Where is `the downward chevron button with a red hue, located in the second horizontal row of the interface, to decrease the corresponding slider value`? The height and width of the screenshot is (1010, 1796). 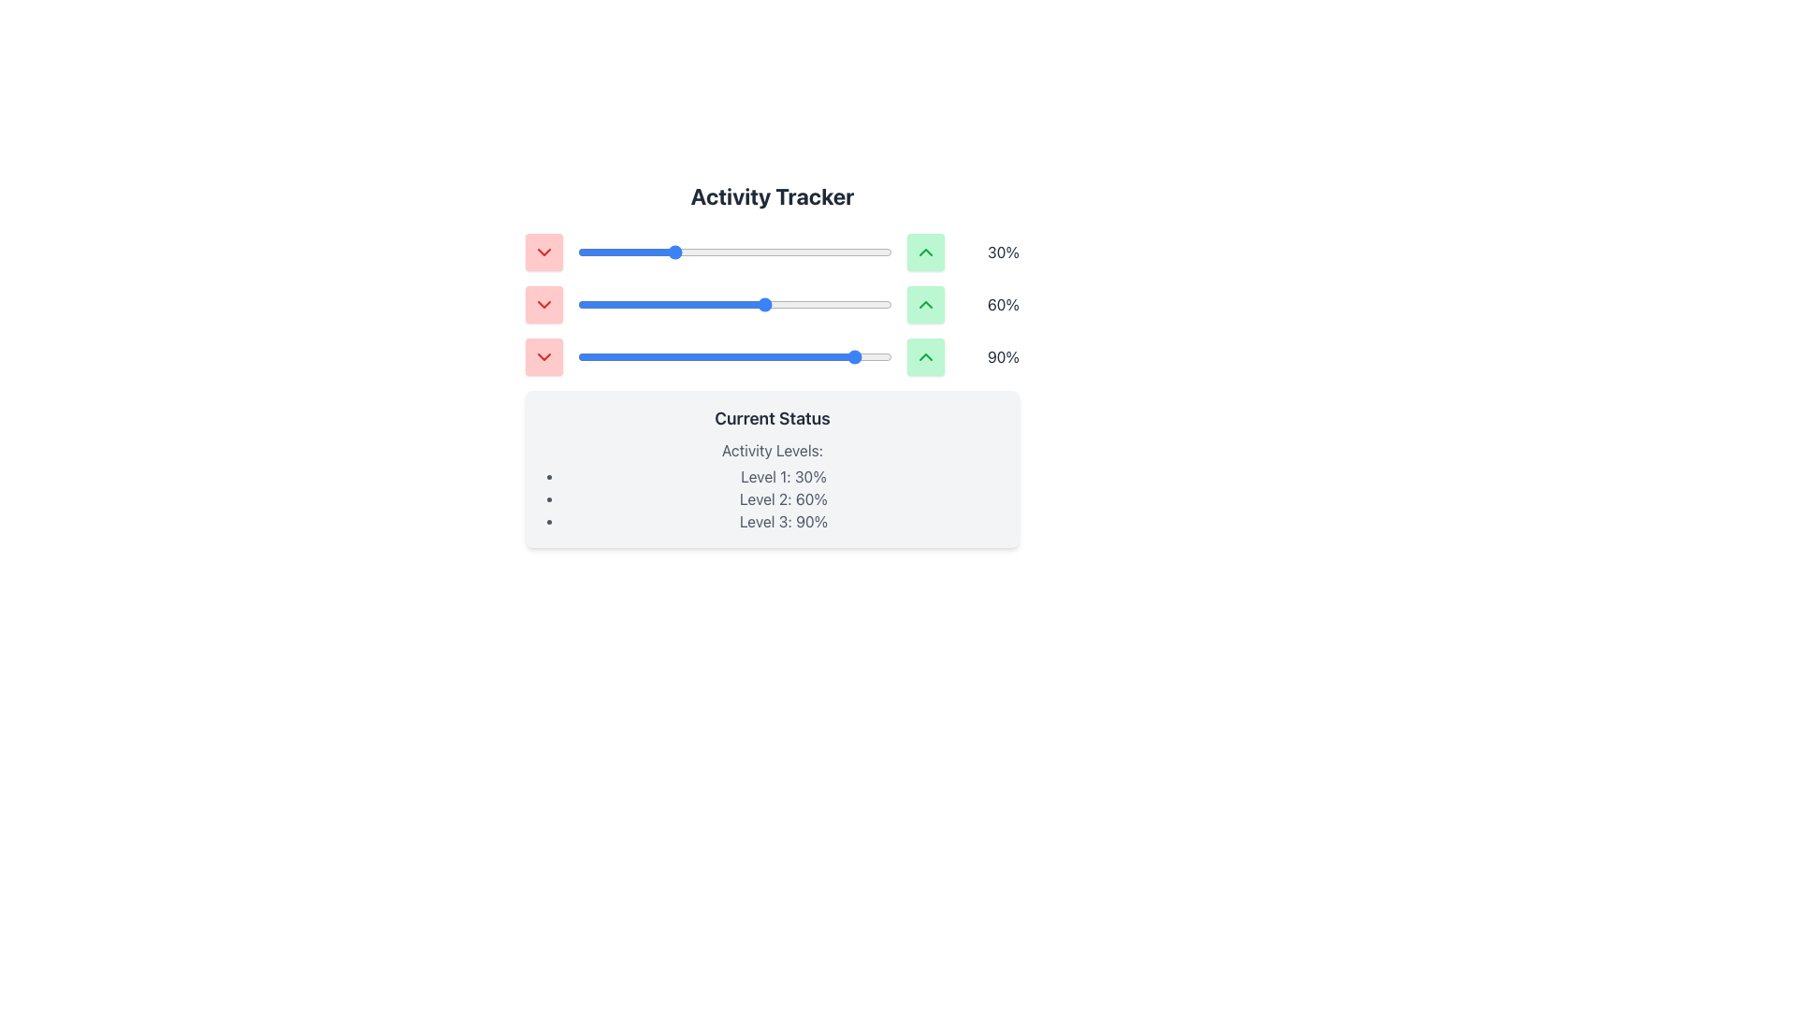
the downward chevron button with a red hue, located in the second horizontal row of the interface, to decrease the corresponding slider value is located at coordinates (543, 304).